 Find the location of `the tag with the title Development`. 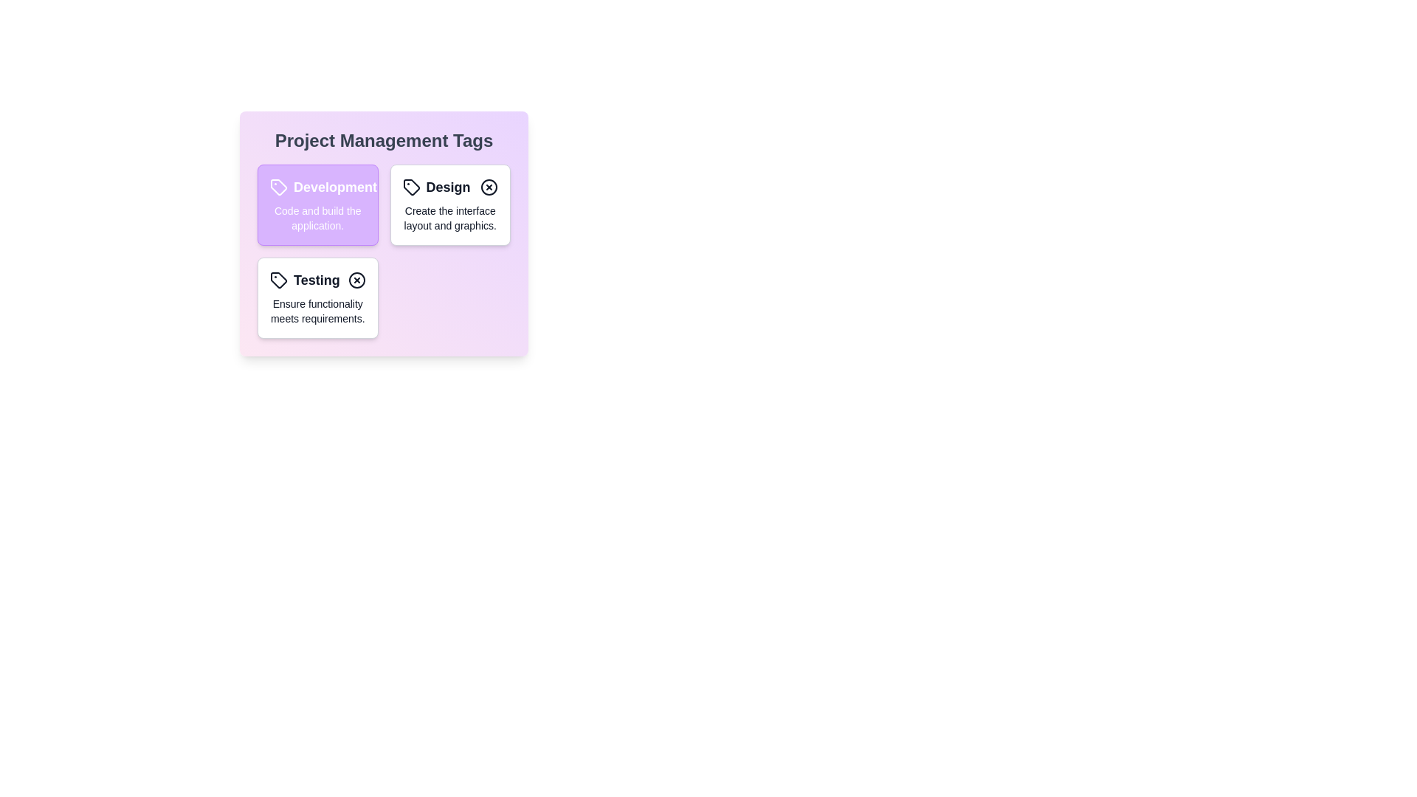

the tag with the title Development is located at coordinates (317, 187).